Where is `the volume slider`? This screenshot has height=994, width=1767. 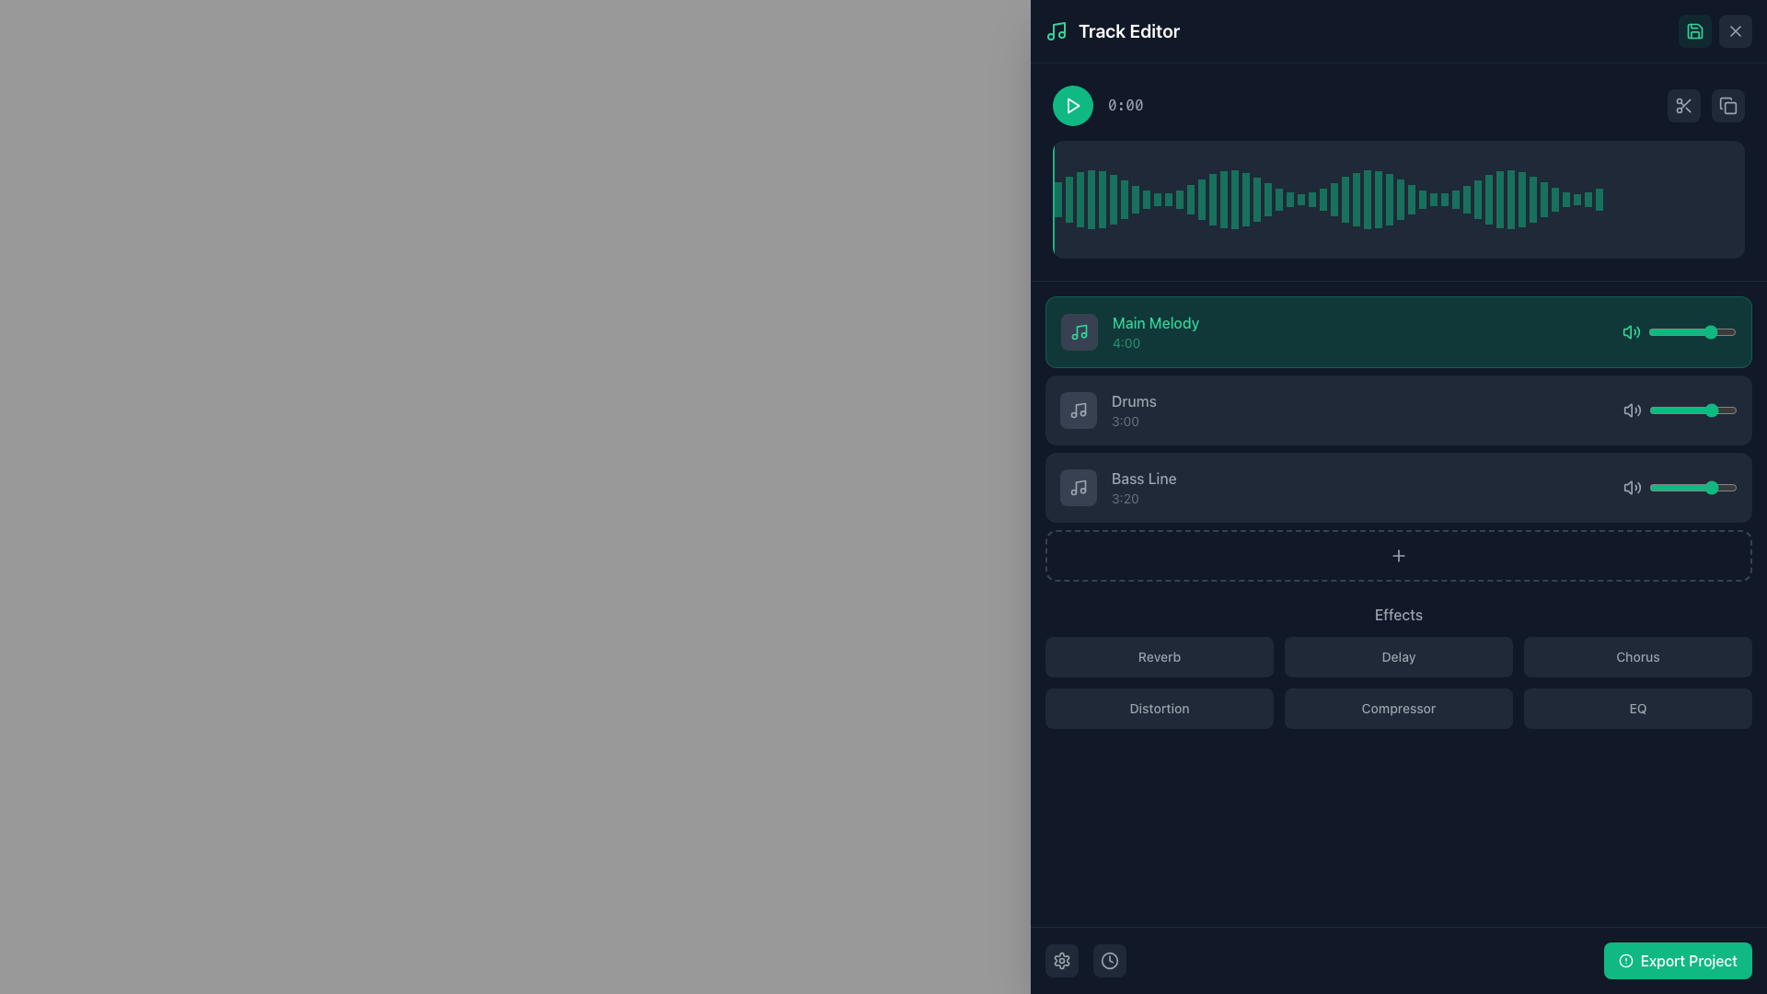 the volume slider is located at coordinates (1695, 332).